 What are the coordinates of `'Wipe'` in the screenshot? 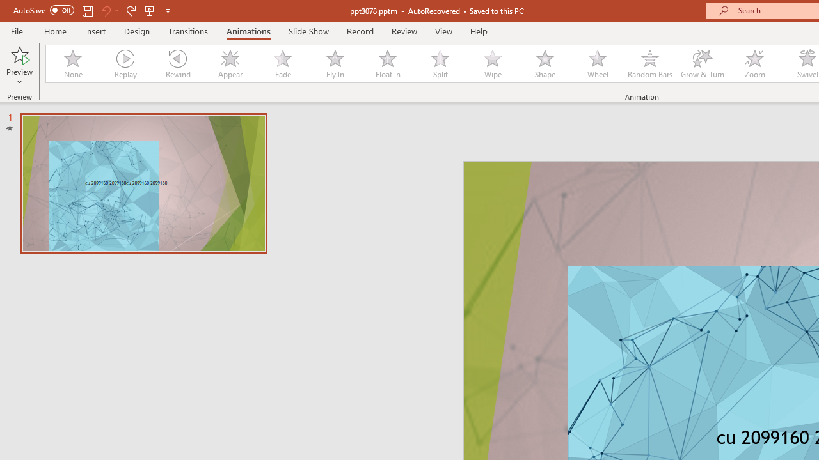 It's located at (492, 64).